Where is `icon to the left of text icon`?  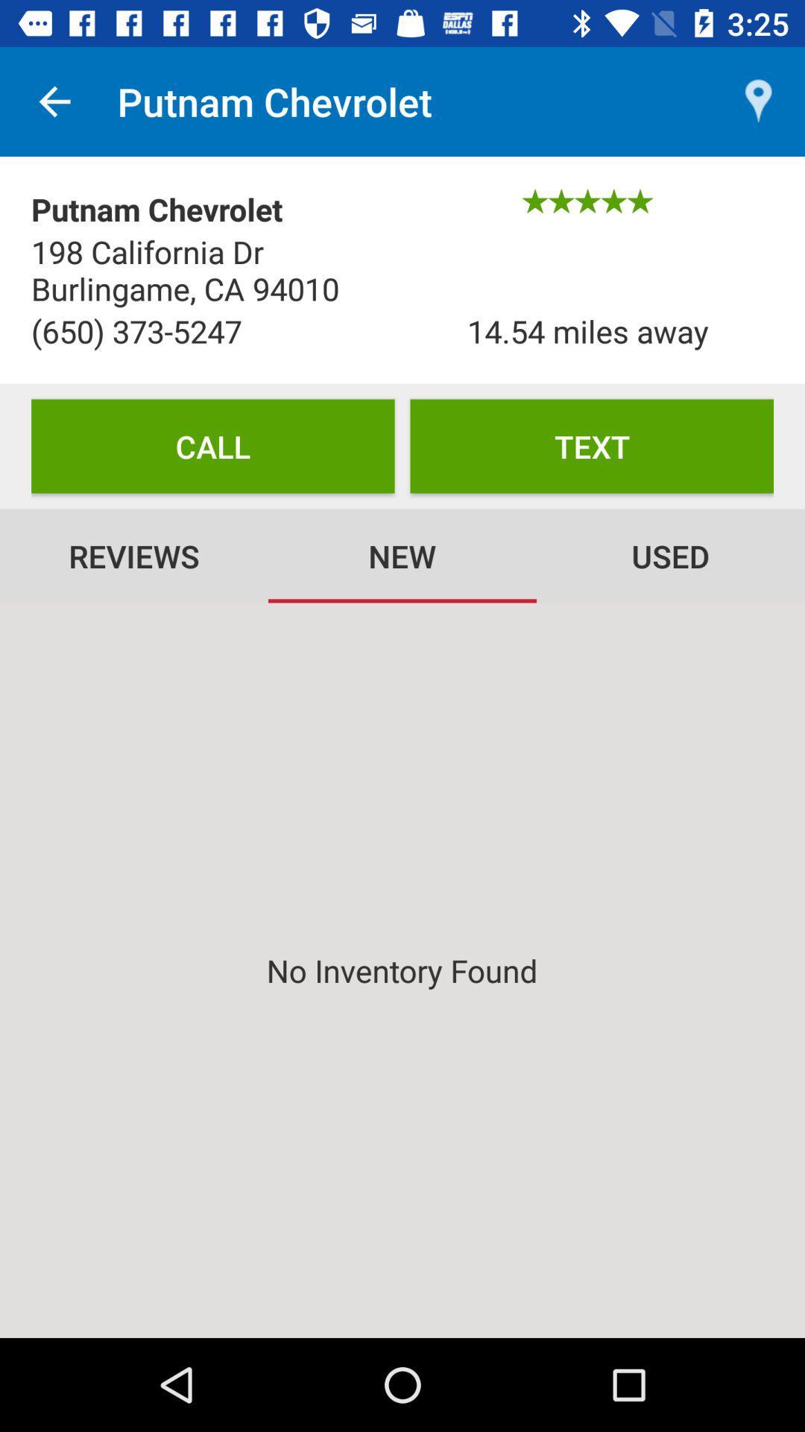 icon to the left of text icon is located at coordinates (212, 445).